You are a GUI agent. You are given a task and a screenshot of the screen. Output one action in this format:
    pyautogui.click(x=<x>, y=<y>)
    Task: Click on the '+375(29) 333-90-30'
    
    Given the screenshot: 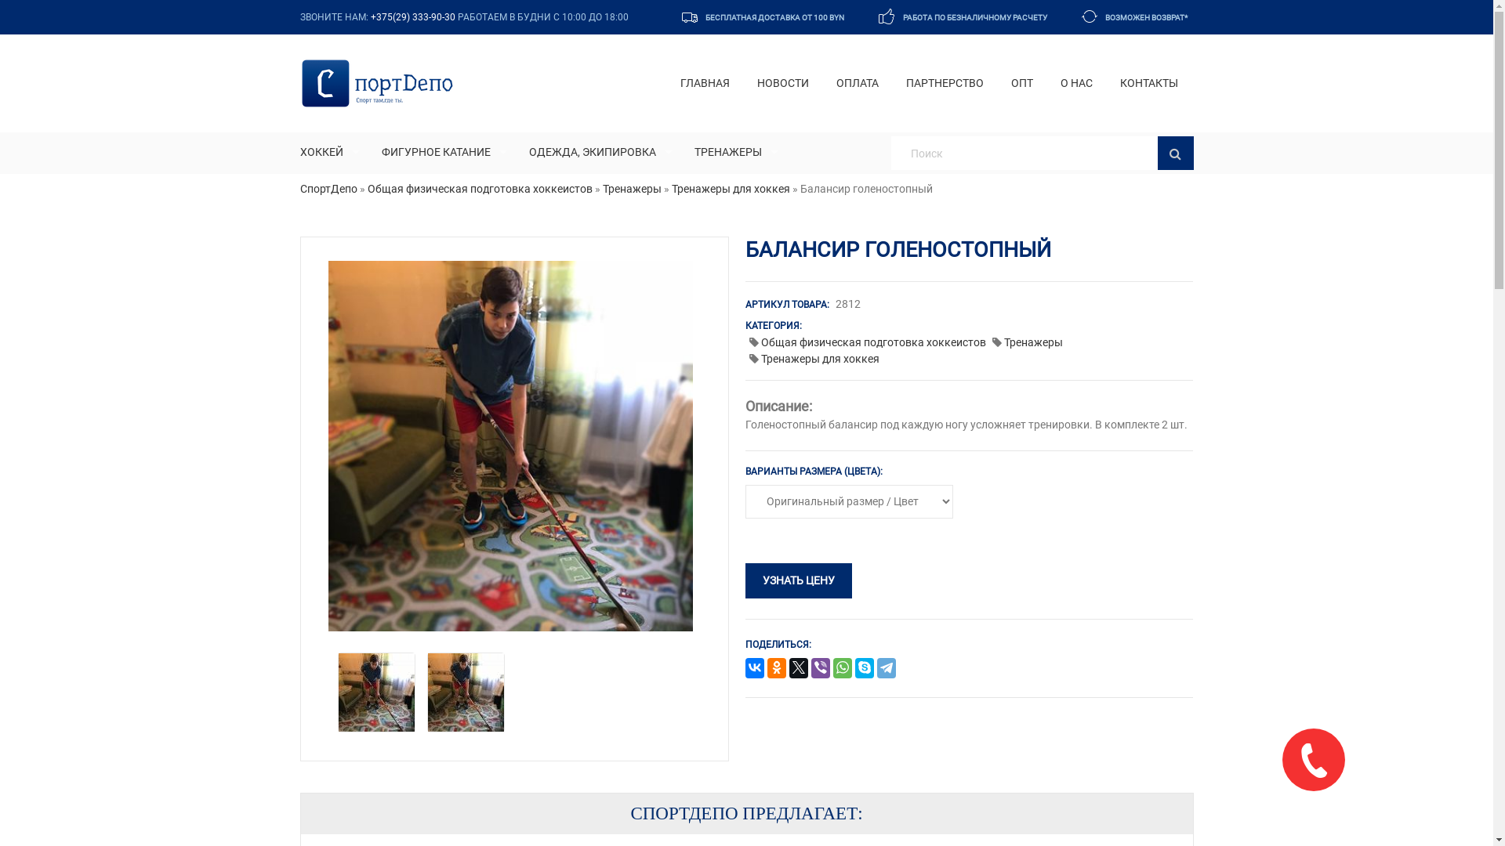 What is the action you would take?
    pyautogui.click(x=412, y=17)
    